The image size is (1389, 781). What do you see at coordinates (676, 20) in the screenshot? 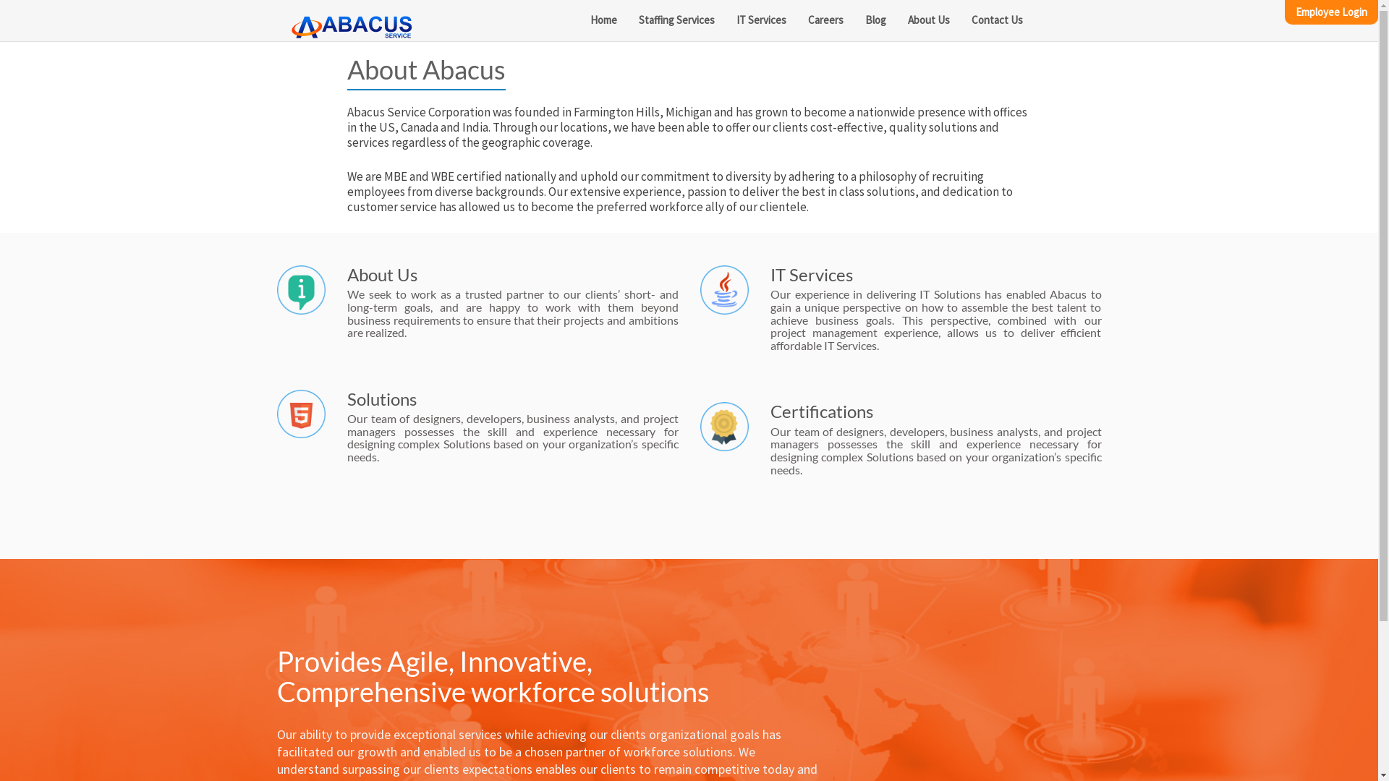
I see `'Staffing Services'` at bounding box center [676, 20].